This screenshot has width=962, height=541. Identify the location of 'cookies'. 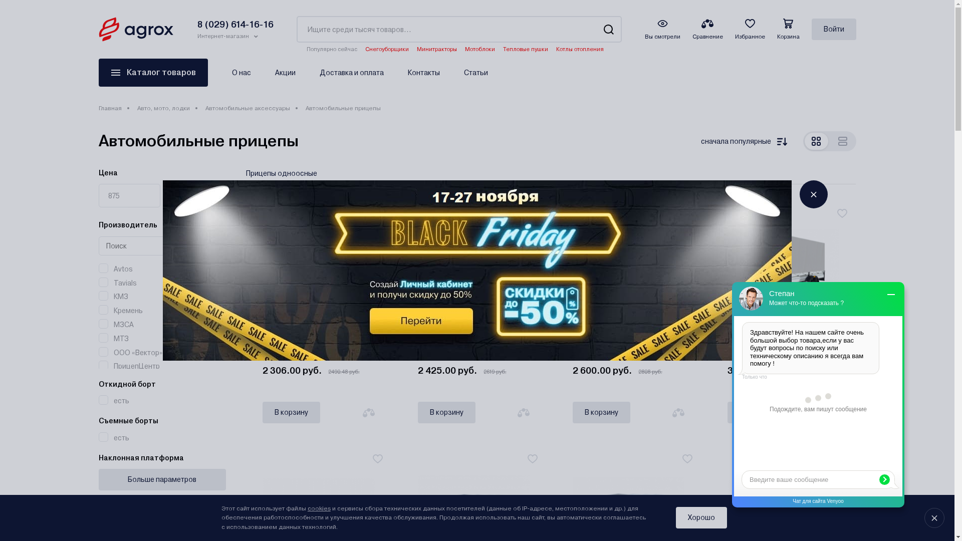
(319, 508).